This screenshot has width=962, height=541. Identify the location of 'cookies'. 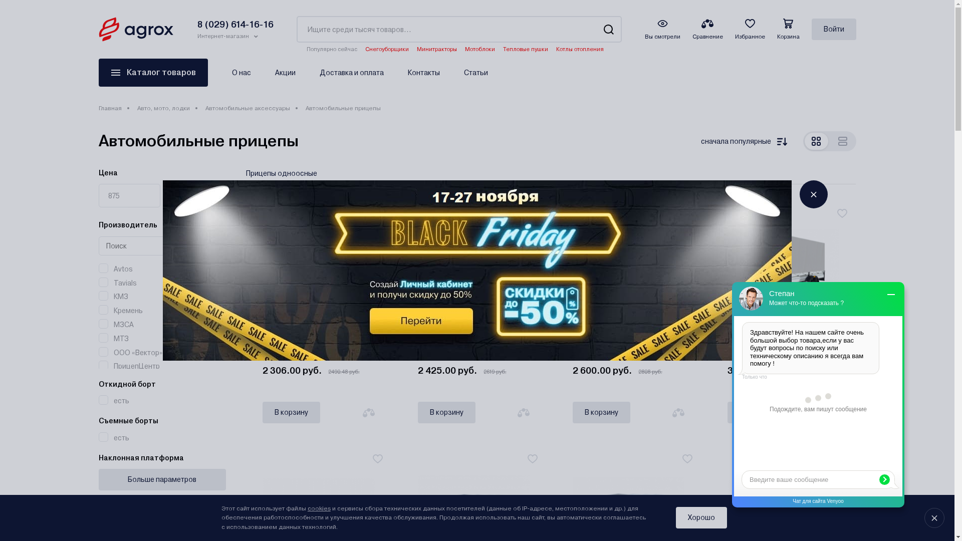
(319, 508).